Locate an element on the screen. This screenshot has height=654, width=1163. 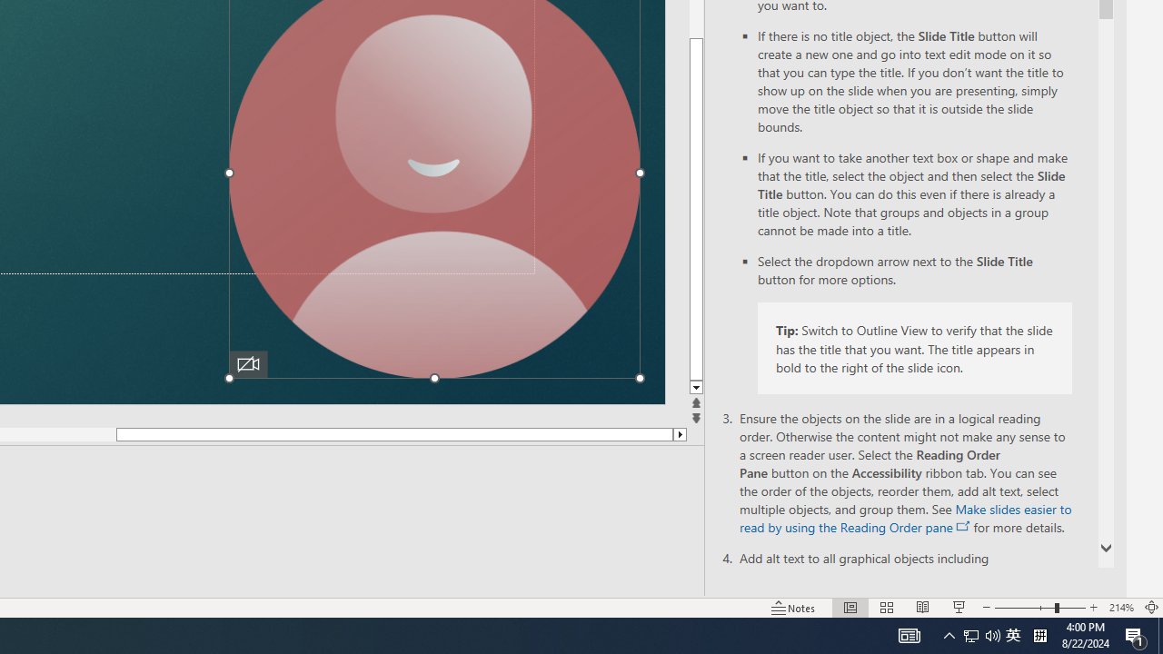
'Zoom 214%' is located at coordinates (1120, 608).